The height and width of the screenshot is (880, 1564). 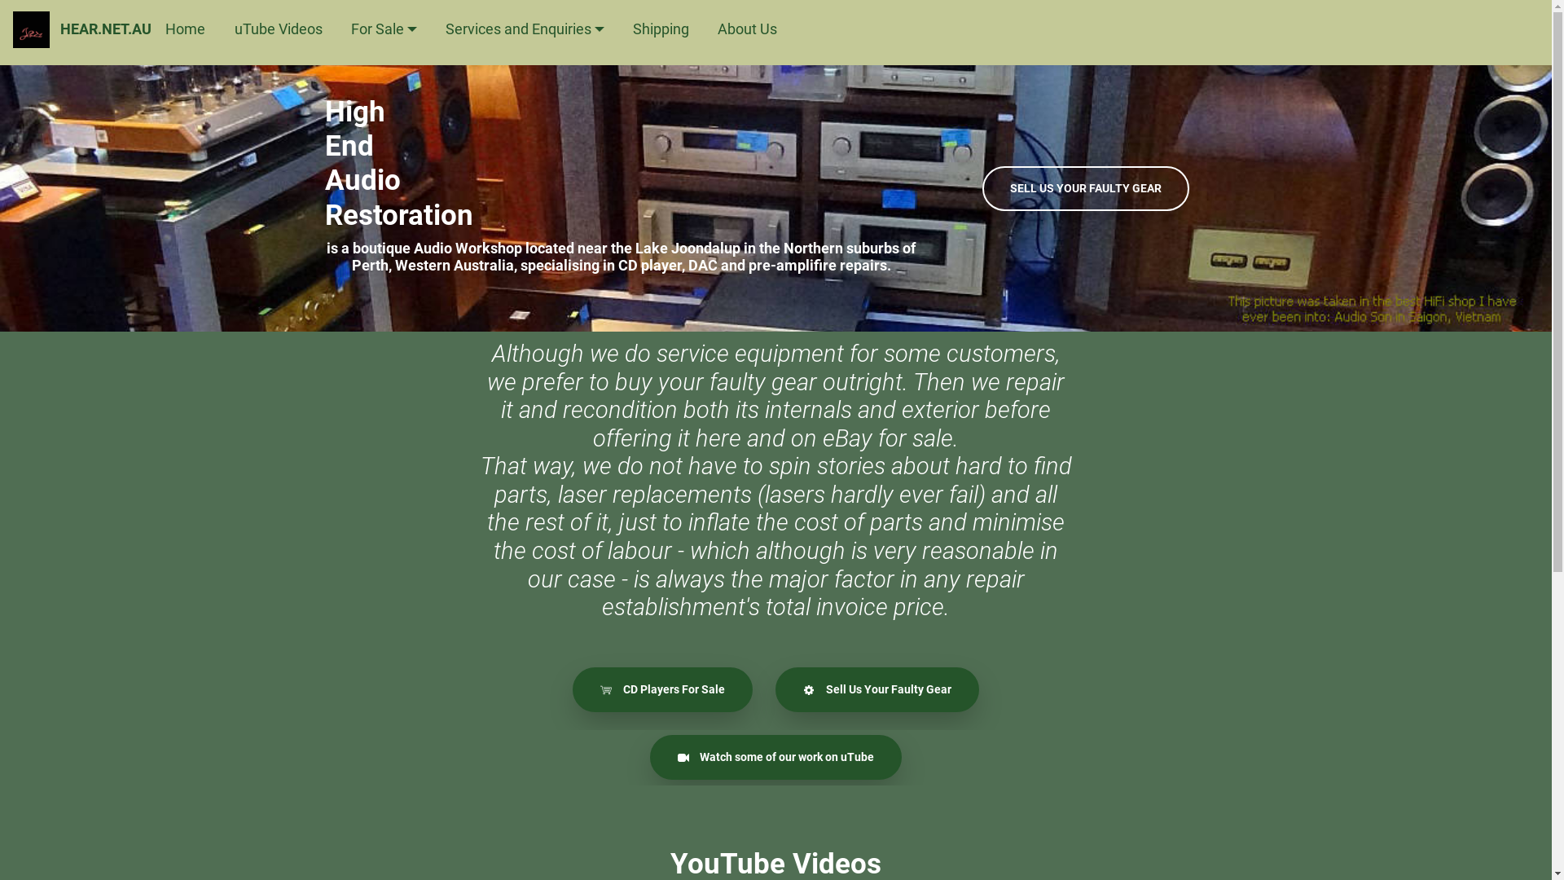 What do you see at coordinates (104, 29) in the screenshot?
I see `'HEAR.NET.AU'` at bounding box center [104, 29].